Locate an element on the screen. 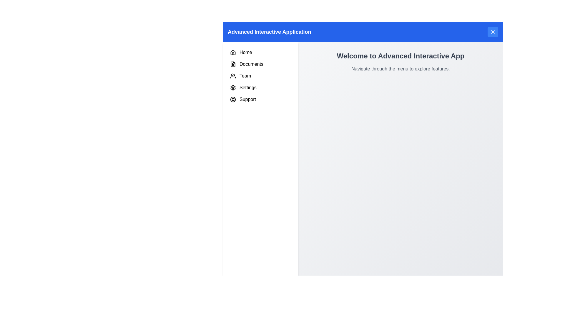  the 'Documents' icon located in the vertical navigation menu is located at coordinates (233, 64).